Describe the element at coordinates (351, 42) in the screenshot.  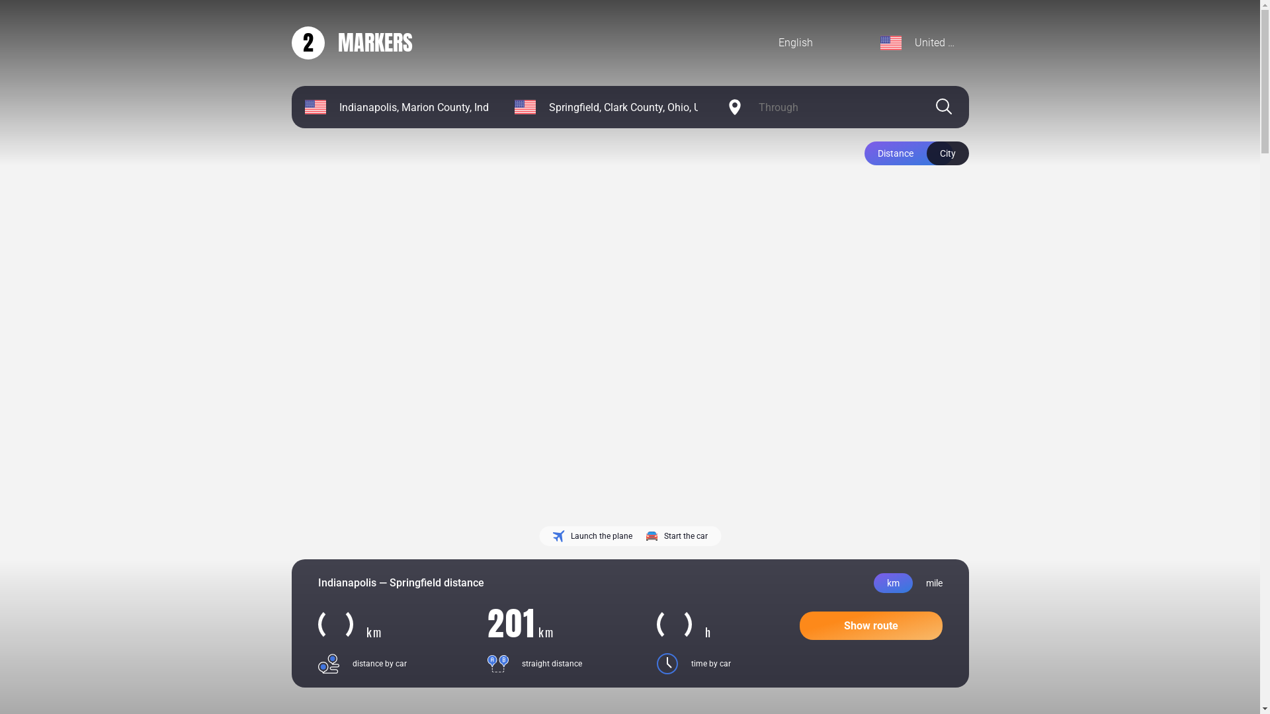
I see `'2MARKERS'` at that location.